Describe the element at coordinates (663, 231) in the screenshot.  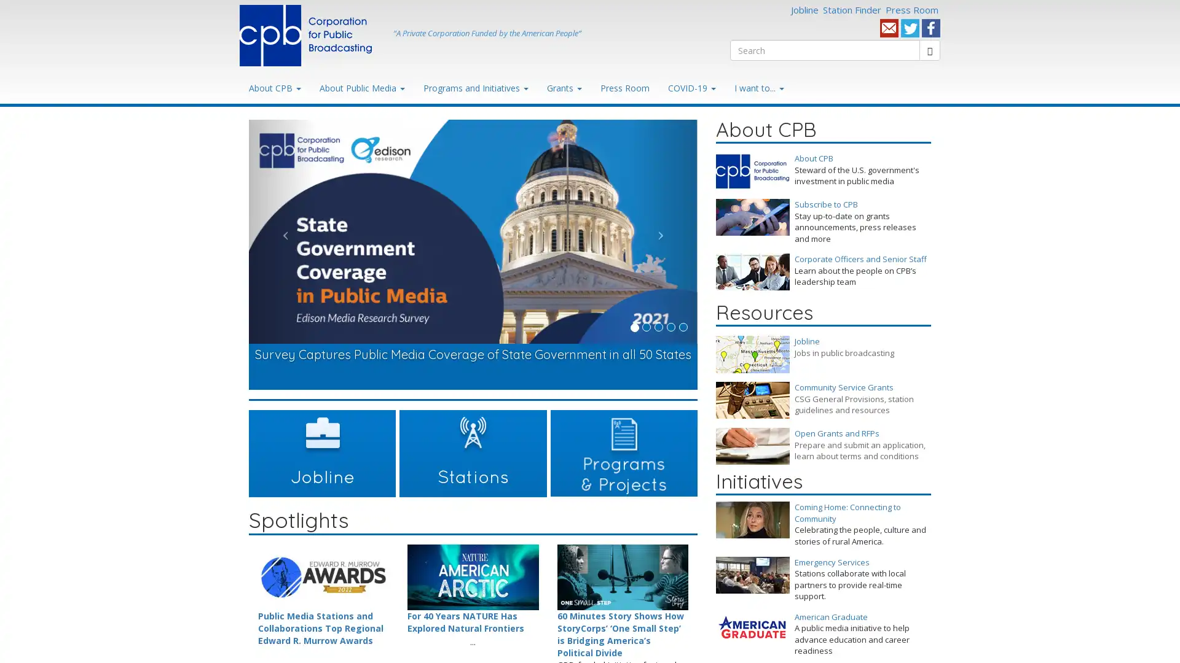
I see `Next` at that location.